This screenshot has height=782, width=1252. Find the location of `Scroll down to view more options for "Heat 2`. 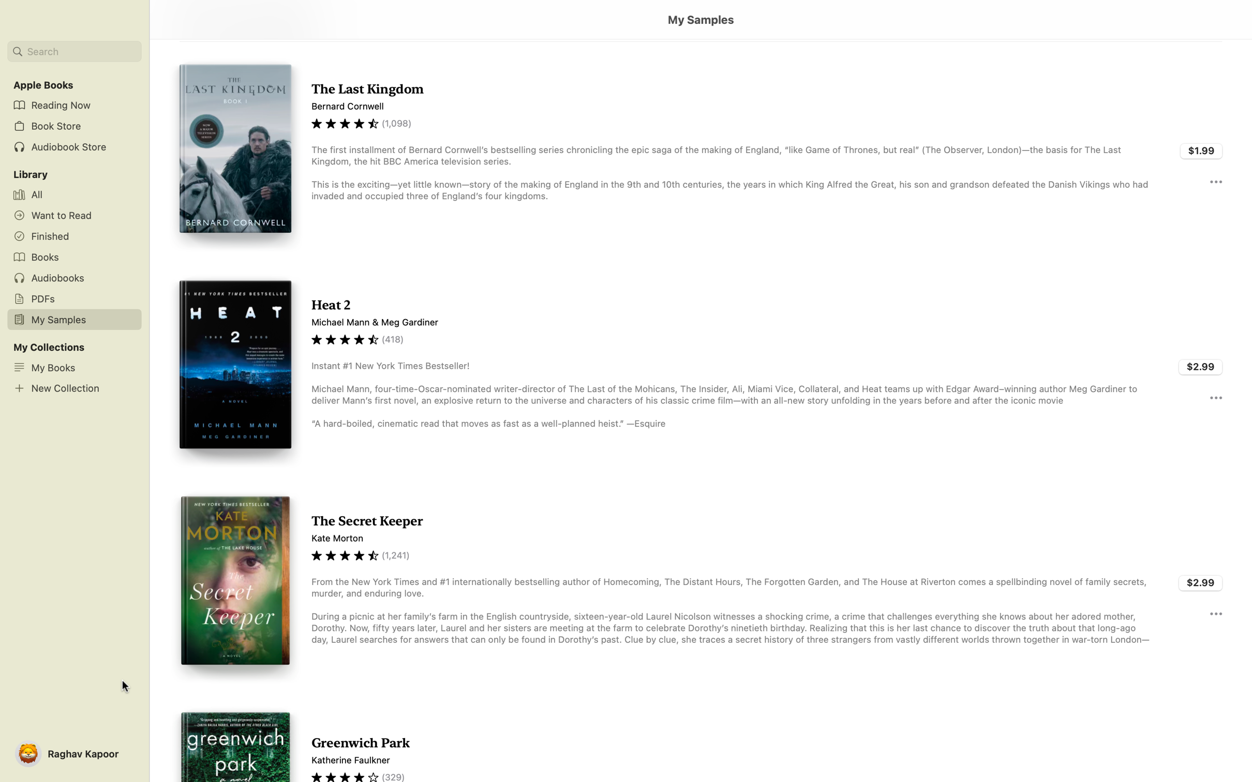

Scroll down to view more options for "Heat 2 is located at coordinates (4085902, 834394).